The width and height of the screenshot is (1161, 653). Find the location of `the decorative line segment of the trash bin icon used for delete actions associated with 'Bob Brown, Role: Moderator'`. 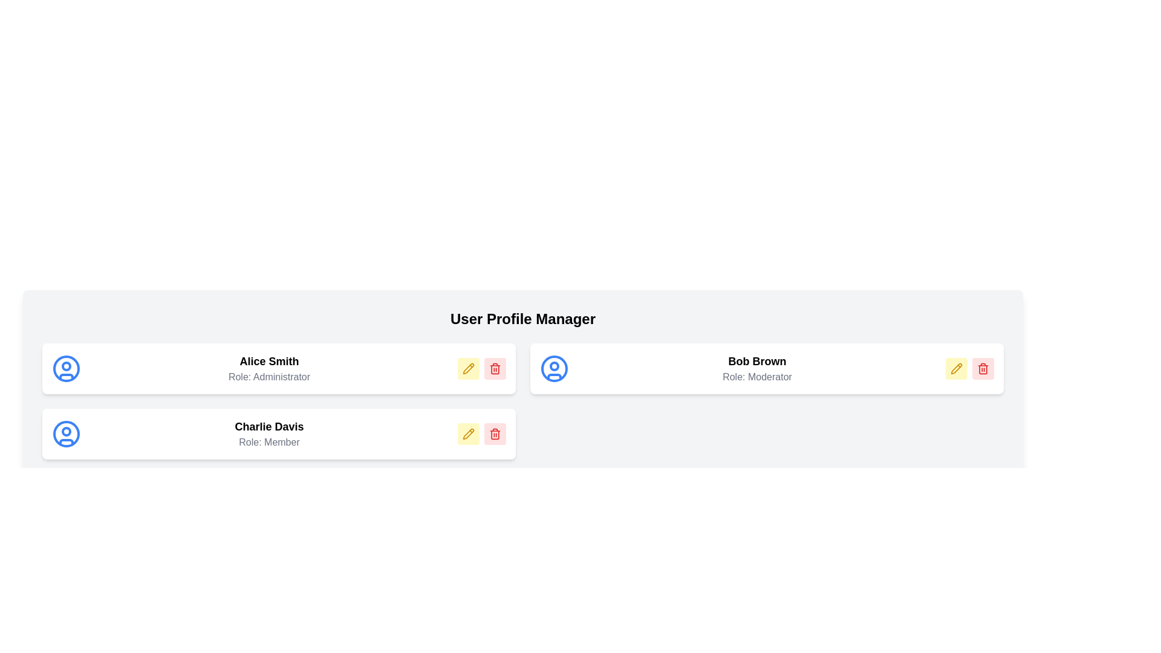

the decorative line segment of the trash bin icon used for delete actions associated with 'Bob Brown, Role: Moderator' is located at coordinates (983, 368).